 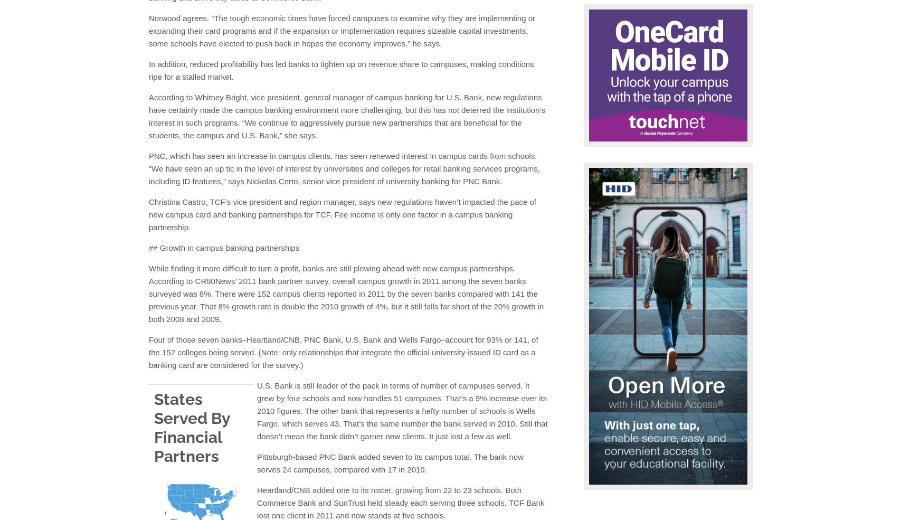 What do you see at coordinates (148, 352) in the screenshot?
I see `'Four of those seven banks–Heartland/CNB, PNC Bank, U.S. Bank and Wells Fargo–account for 93% or 141, of the 152 colleges being served. (Note: only relationships that integrate the official university-issued ID card as a banking card are considered for the survey.)'` at bounding box center [148, 352].